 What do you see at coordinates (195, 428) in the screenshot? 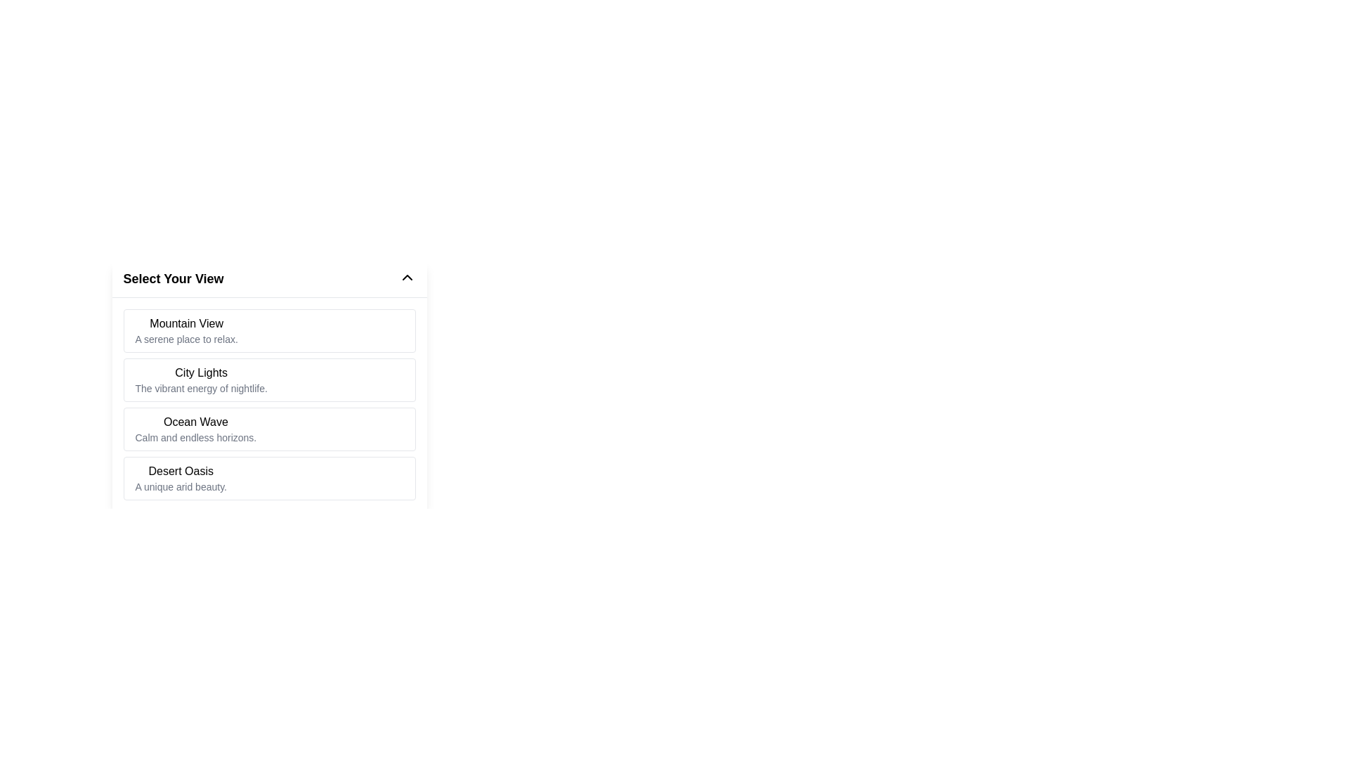
I see `the textual list item labeled 'Ocean Wave', which contains the description 'Calm and endless horizons.' and is positioned in the third place within a vertical list of selectable items` at bounding box center [195, 428].